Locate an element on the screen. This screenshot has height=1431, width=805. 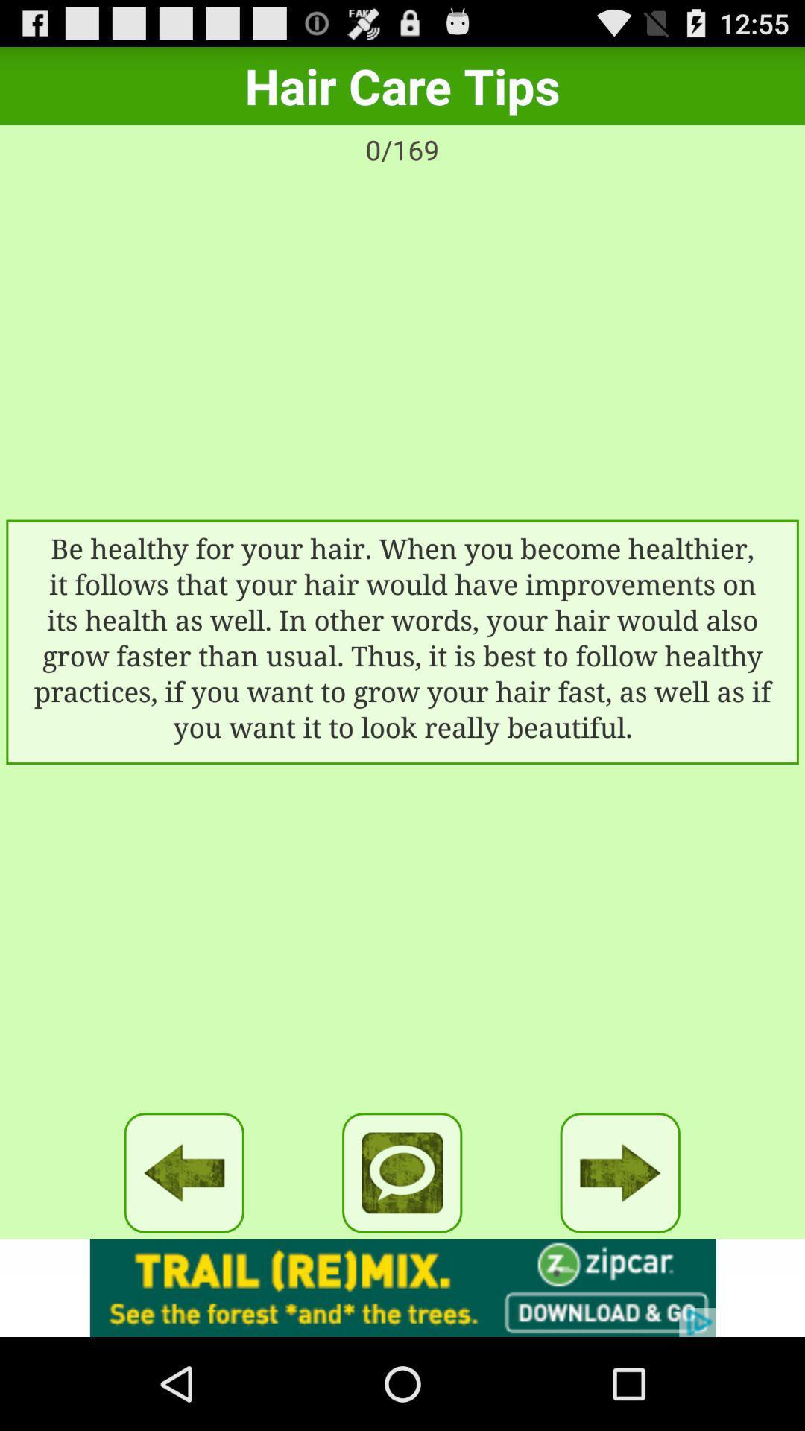
the arrow_forward icon is located at coordinates (620, 1254).